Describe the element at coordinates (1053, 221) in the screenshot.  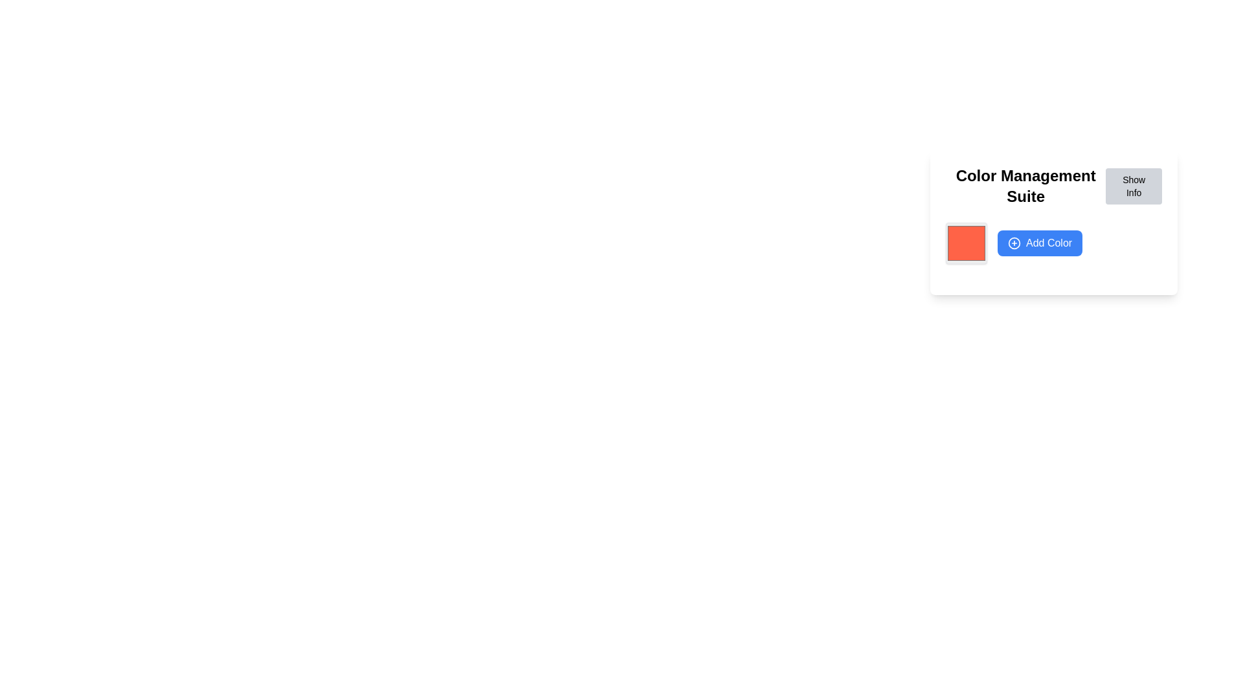
I see `the 'Add Color' button on the color management options card located in the side panel interface` at that location.